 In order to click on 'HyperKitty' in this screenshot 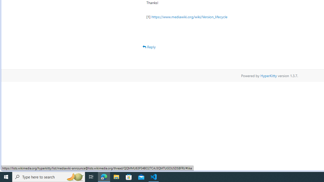, I will do `click(268, 75)`.